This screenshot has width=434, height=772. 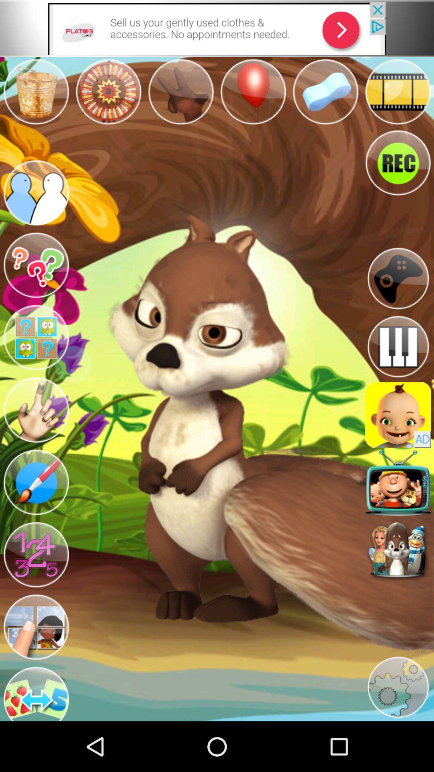 What do you see at coordinates (217, 28) in the screenshot?
I see `advertisement` at bounding box center [217, 28].